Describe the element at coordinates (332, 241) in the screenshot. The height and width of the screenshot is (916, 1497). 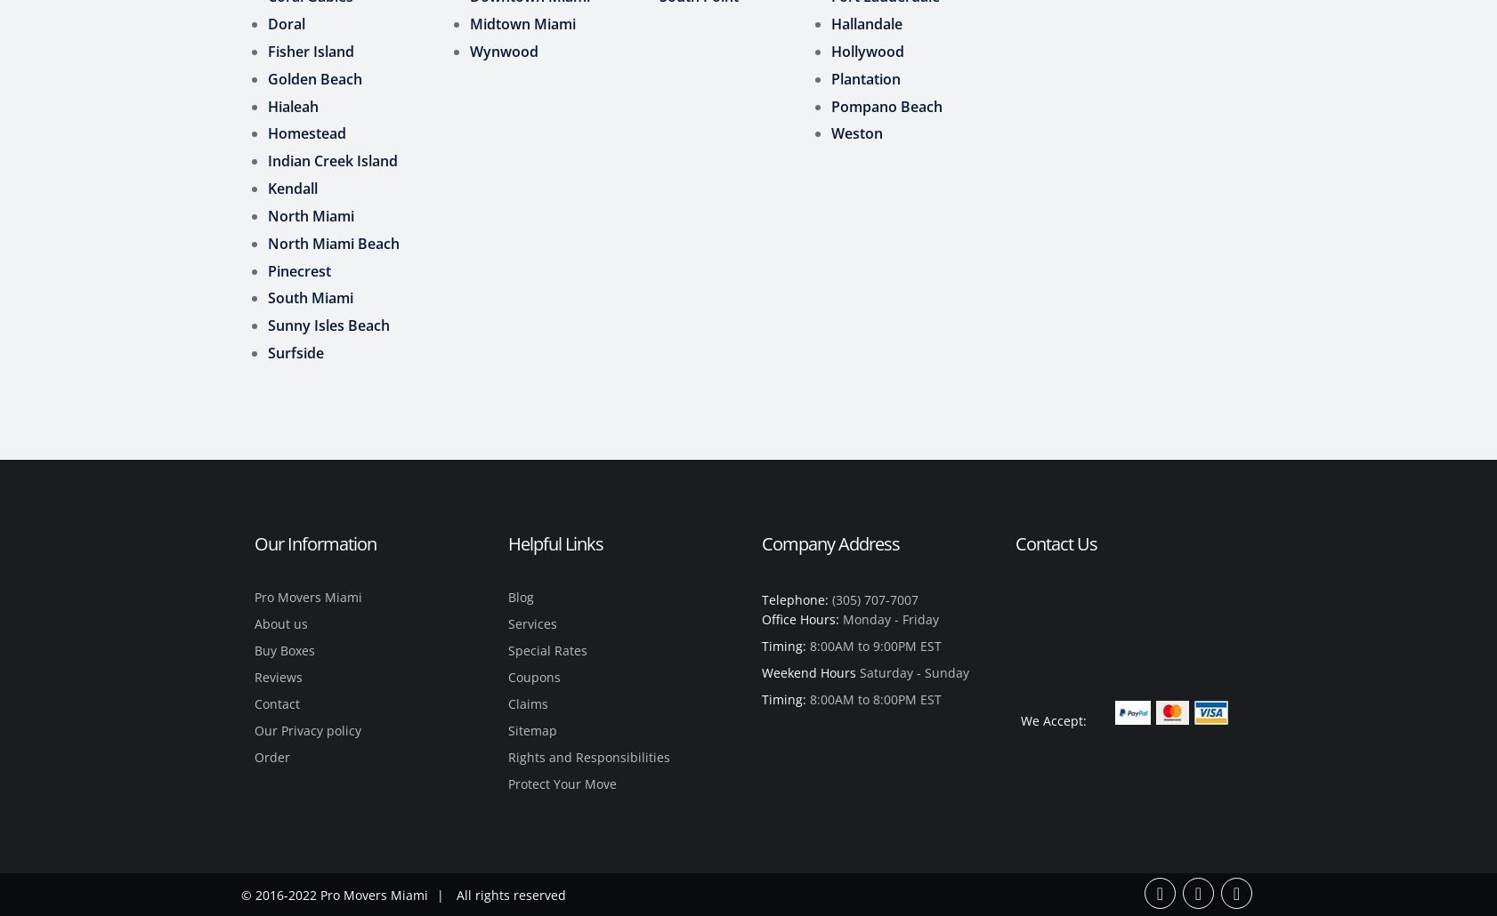
I see `'North Miami Beach'` at that location.